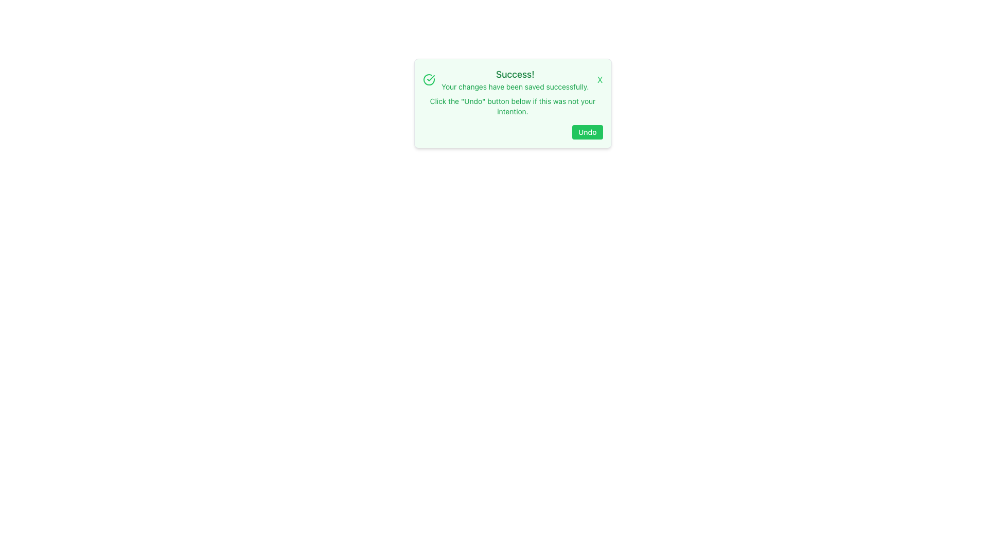  I want to click on the checkmark icon inside the circular SVG component that signifies success, located on the left side of the notification box, so click(430, 77).